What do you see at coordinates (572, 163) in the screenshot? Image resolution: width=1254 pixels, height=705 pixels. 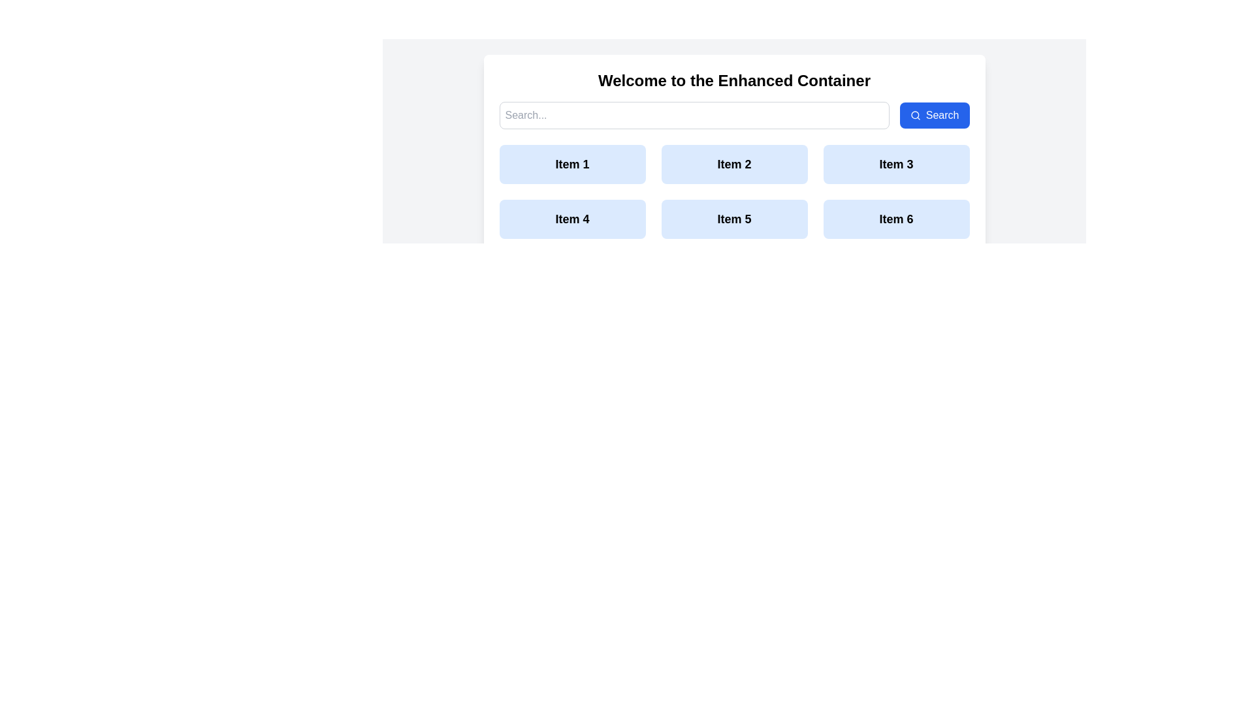 I see `the 'Item 1' button, which is a rectangular button with a light blue background and bold dark text, located at the top-left corner of a grid layout` at bounding box center [572, 163].